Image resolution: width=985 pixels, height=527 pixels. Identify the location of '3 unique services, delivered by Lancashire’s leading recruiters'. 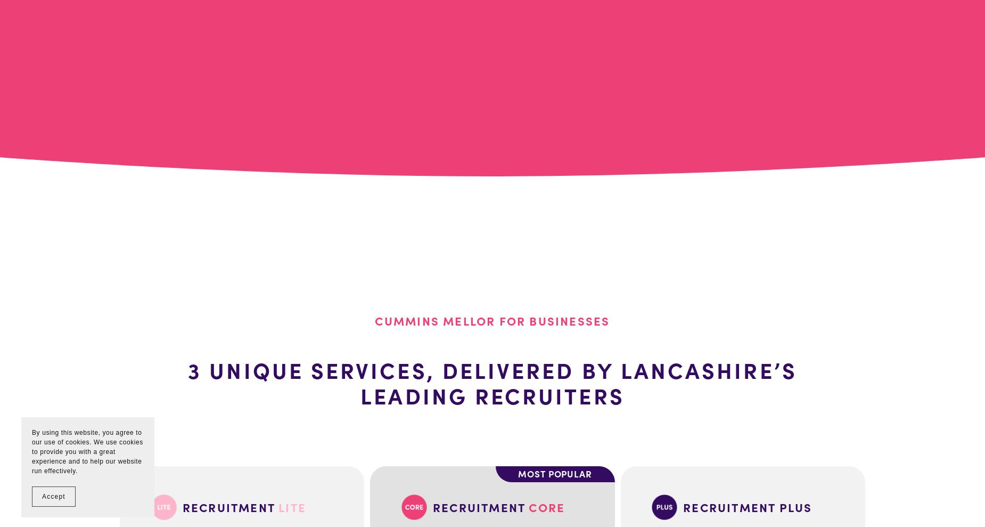
(187, 382).